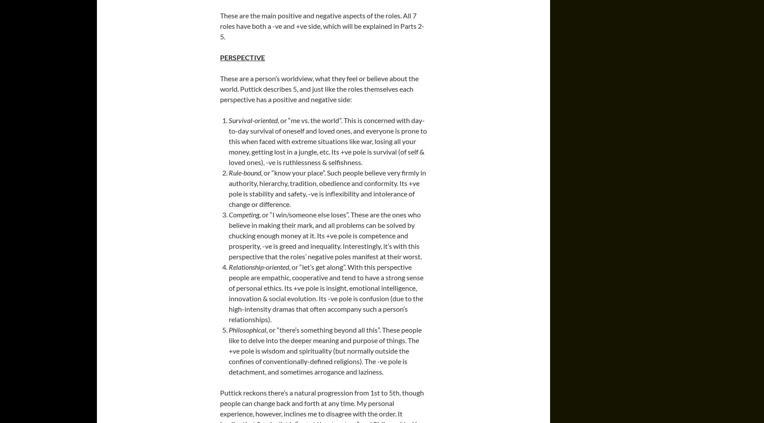 The width and height of the screenshot is (764, 423). Describe the element at coordinates (219, 89) in the screenshot. I see `'These are a person’s worldview, what they feel or believe about the world. Puttick describes 5, and just like the roles themselves each perspective has a positive and negative side:'` at that location.